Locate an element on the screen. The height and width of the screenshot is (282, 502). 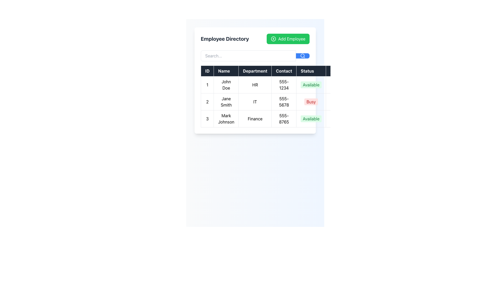
the non-interactive text label displaying the department for 'Mark Johnson' in the table's 'Department' column is located at coordinates (255, 119).